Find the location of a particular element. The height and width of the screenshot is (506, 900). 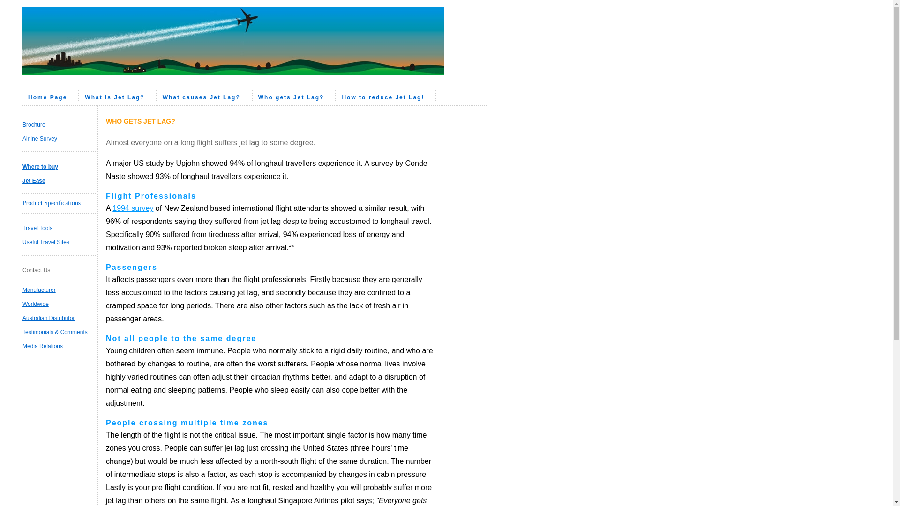

'What is Jet Lag?' is located at coordinates (117, 96).